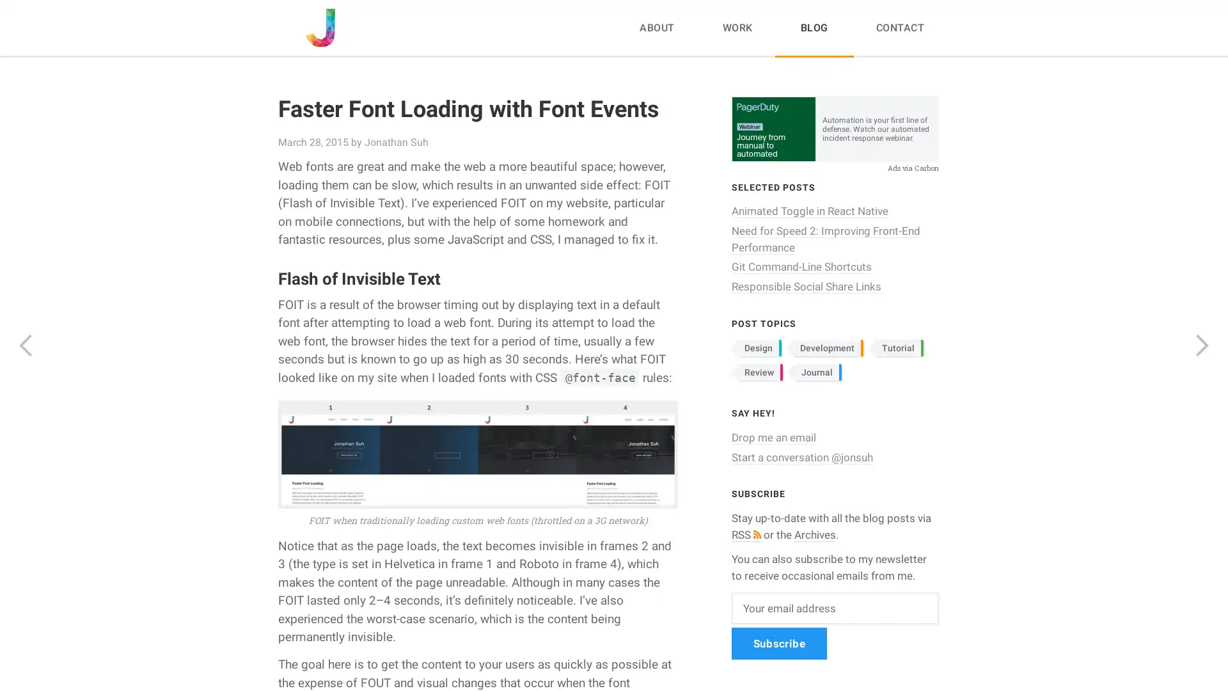 The image size is (1228, 691). What do you see at coordinates (778, 643) in the screenshot?
I see `Subscribe` at bounding box center [778, 643].